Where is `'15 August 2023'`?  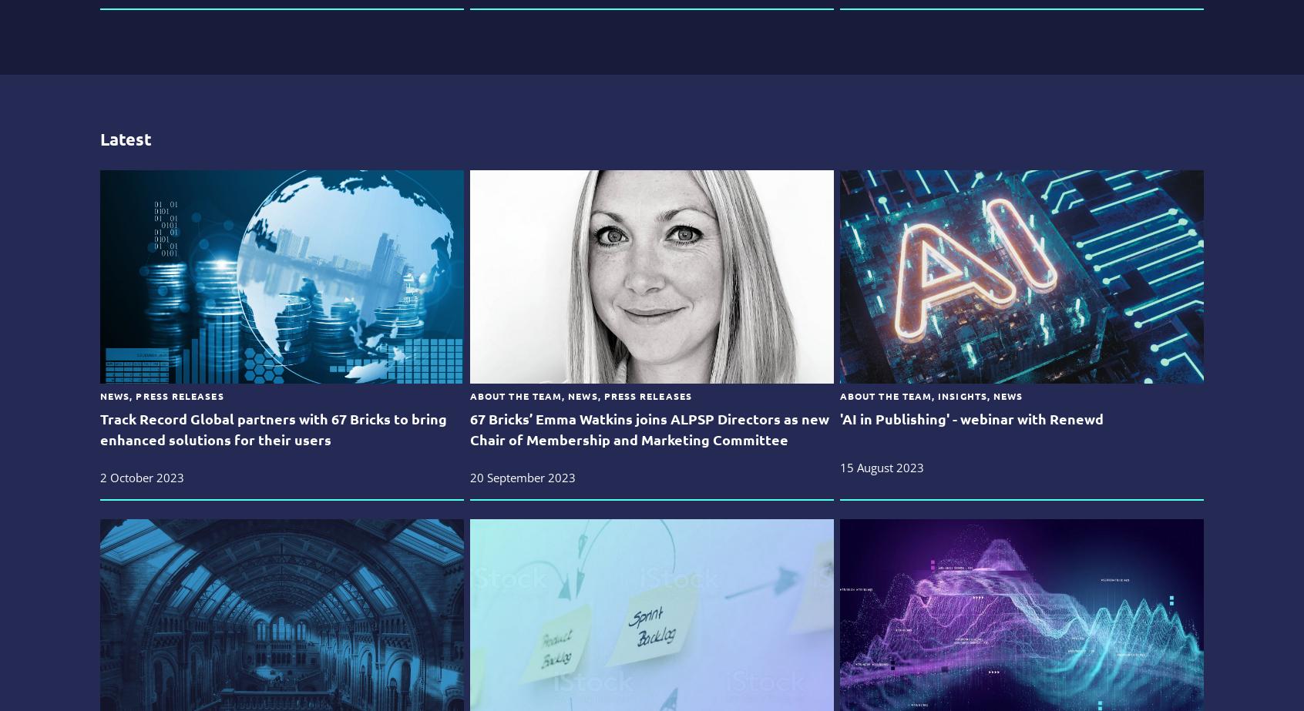 '15 August 2023' is located at coordinates (880, 466).